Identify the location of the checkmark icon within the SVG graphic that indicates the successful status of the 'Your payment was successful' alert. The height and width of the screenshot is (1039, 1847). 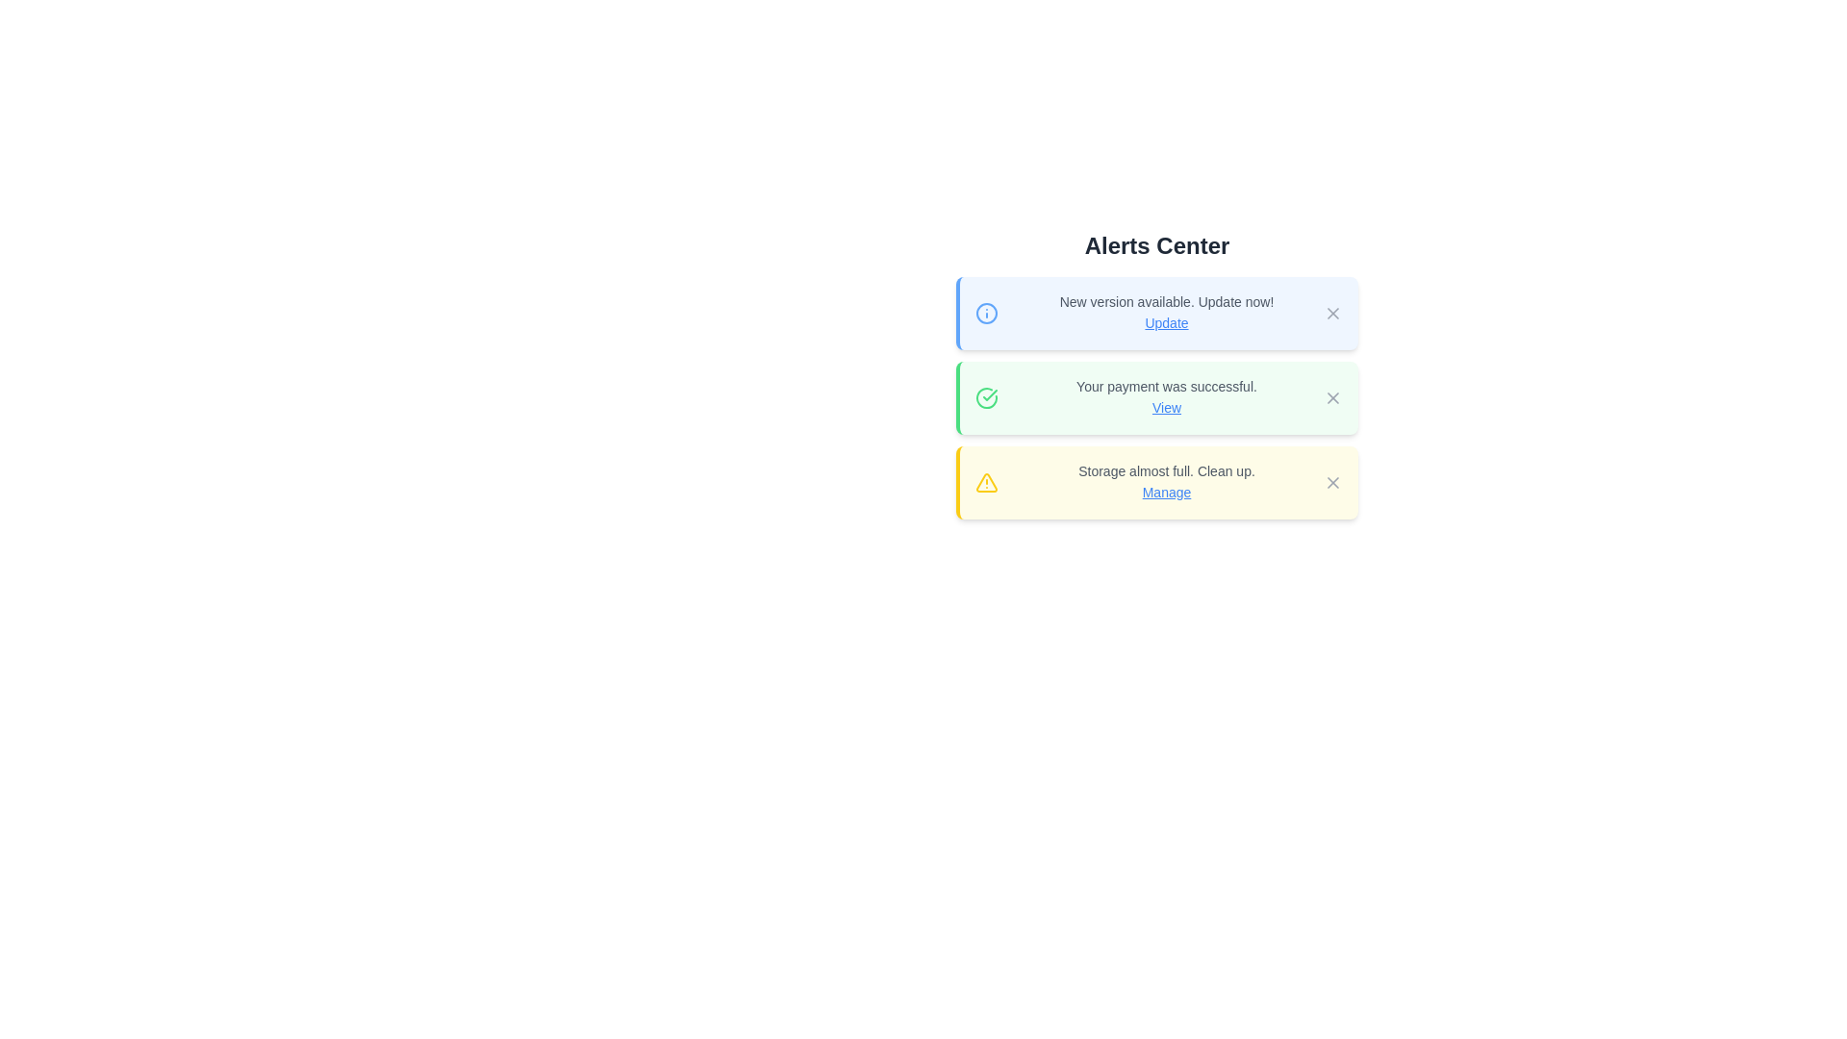
(990, 394).